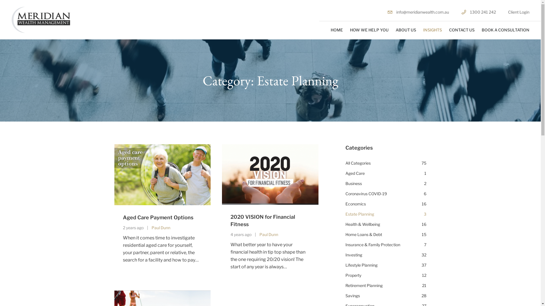  Describe the element at coordinates (369, 30) in the screenshot. I see `'HOW WE HELP YOU'` at that location.